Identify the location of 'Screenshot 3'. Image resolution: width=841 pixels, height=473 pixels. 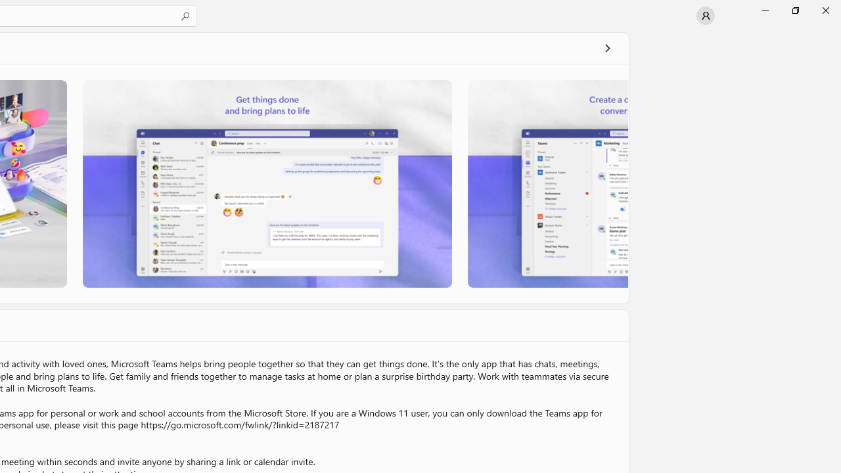
(547, 183).